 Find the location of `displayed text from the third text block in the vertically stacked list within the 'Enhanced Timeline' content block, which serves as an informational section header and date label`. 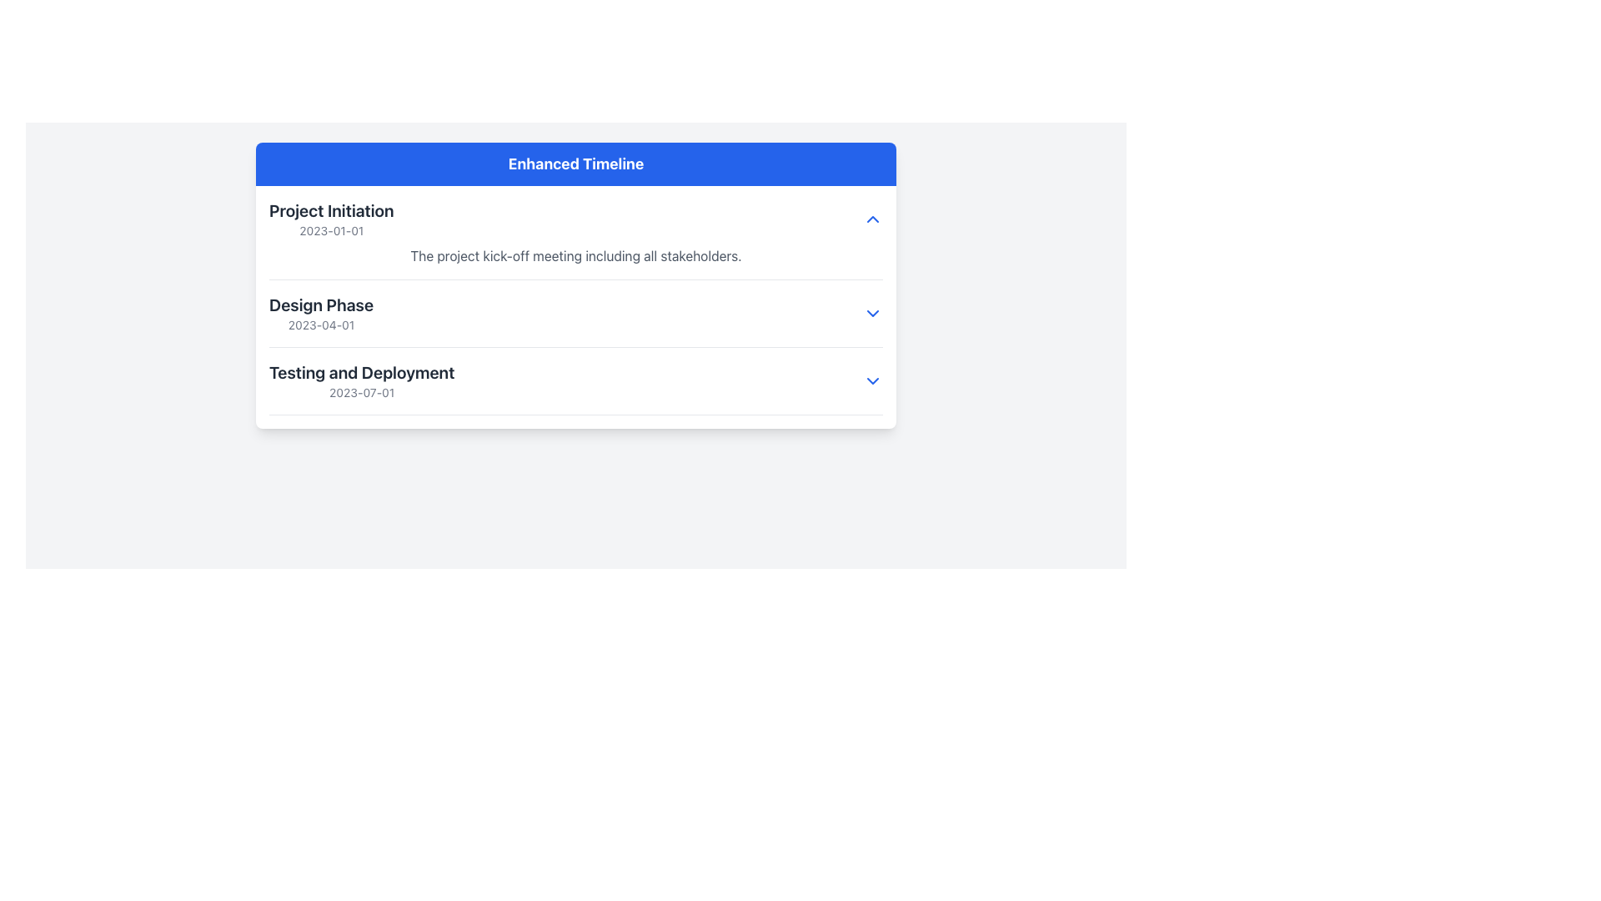

displayed text from the third text block in the vertically stacked list within the 'Enhanced Timeline' content block, which serves as an informational section header and date label is located at coordinates (361, 380).